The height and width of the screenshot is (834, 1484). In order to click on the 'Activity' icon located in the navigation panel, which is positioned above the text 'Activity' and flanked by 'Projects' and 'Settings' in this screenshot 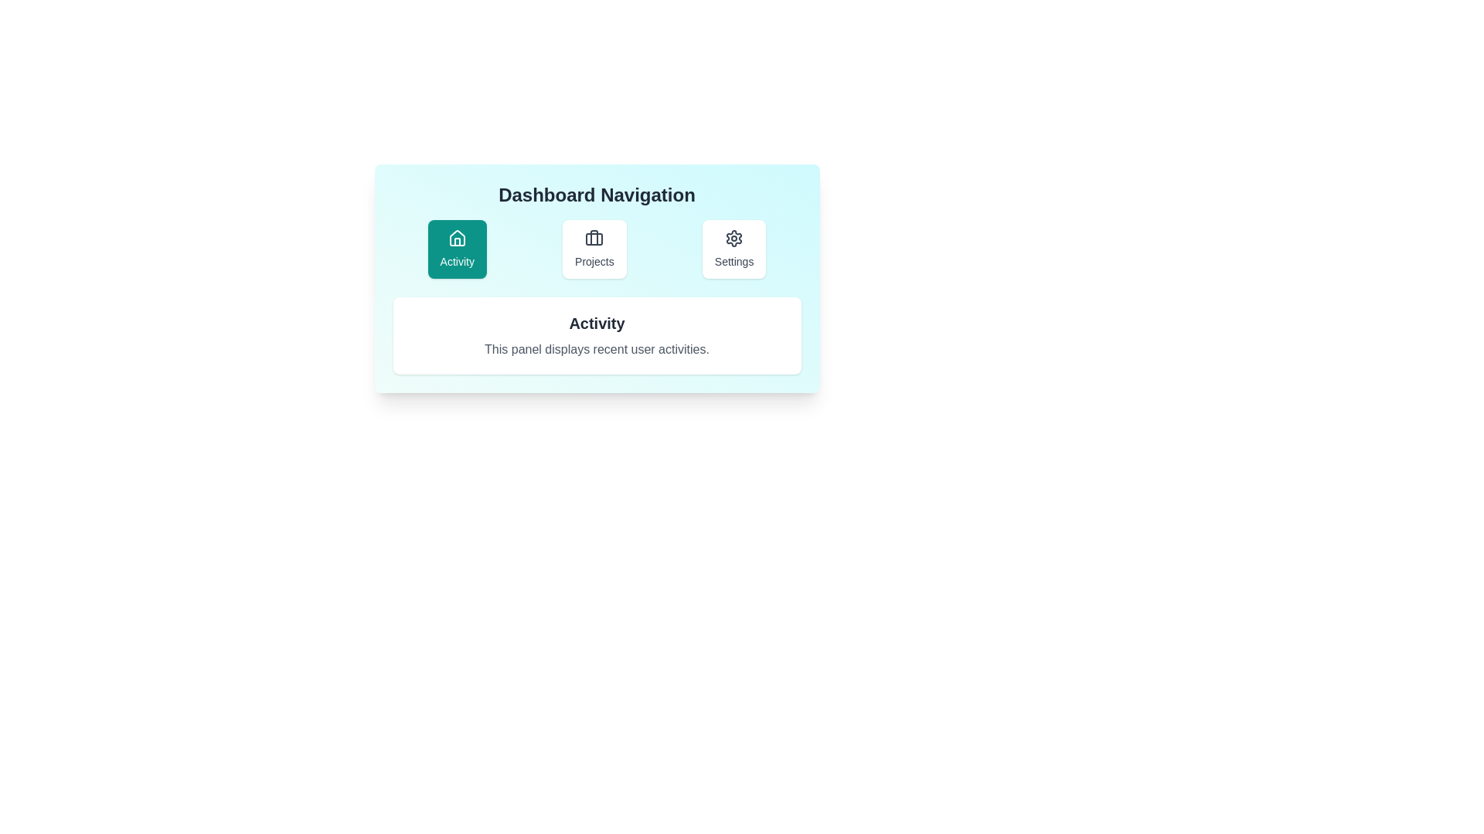, I will do `click(456, 238)`.